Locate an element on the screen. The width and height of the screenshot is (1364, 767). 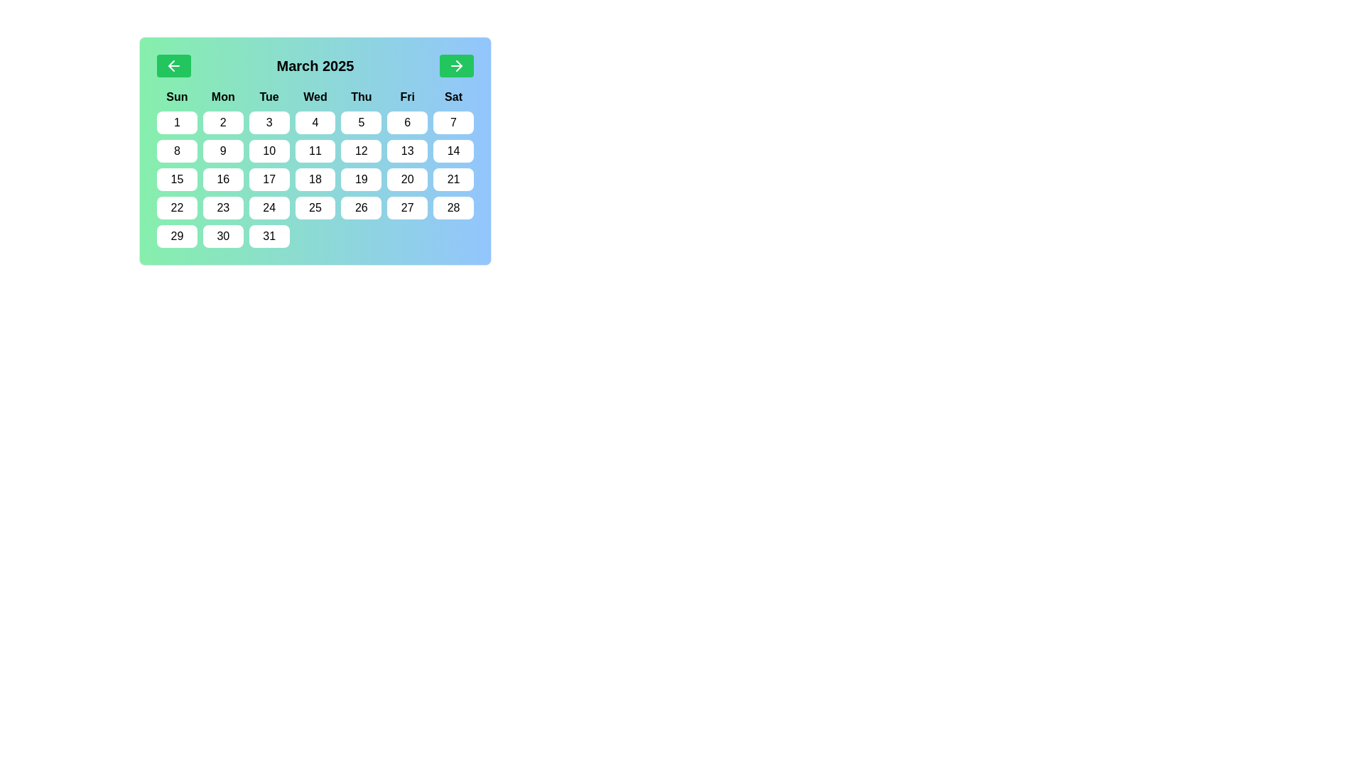
the white rounded rectangle button with the number '31' centered in black font located in the bottom-right corner of the calendar grid under the 'Mon.' column is located at coordinates (269, 235).